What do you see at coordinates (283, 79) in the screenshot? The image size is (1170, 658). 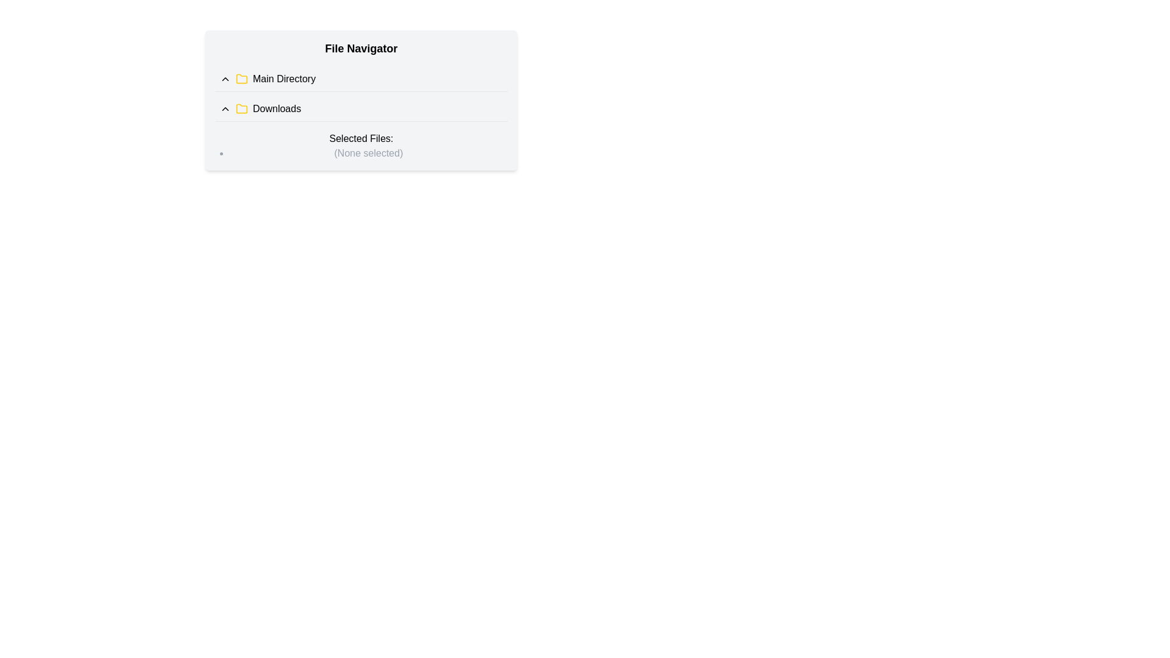 I see `the 'Main Directory' text label, which is styled in regular font and black color, located next to a yellow folder icon and an expand/collapse indicator in the directory navigator` at bounding box center [283, 79].